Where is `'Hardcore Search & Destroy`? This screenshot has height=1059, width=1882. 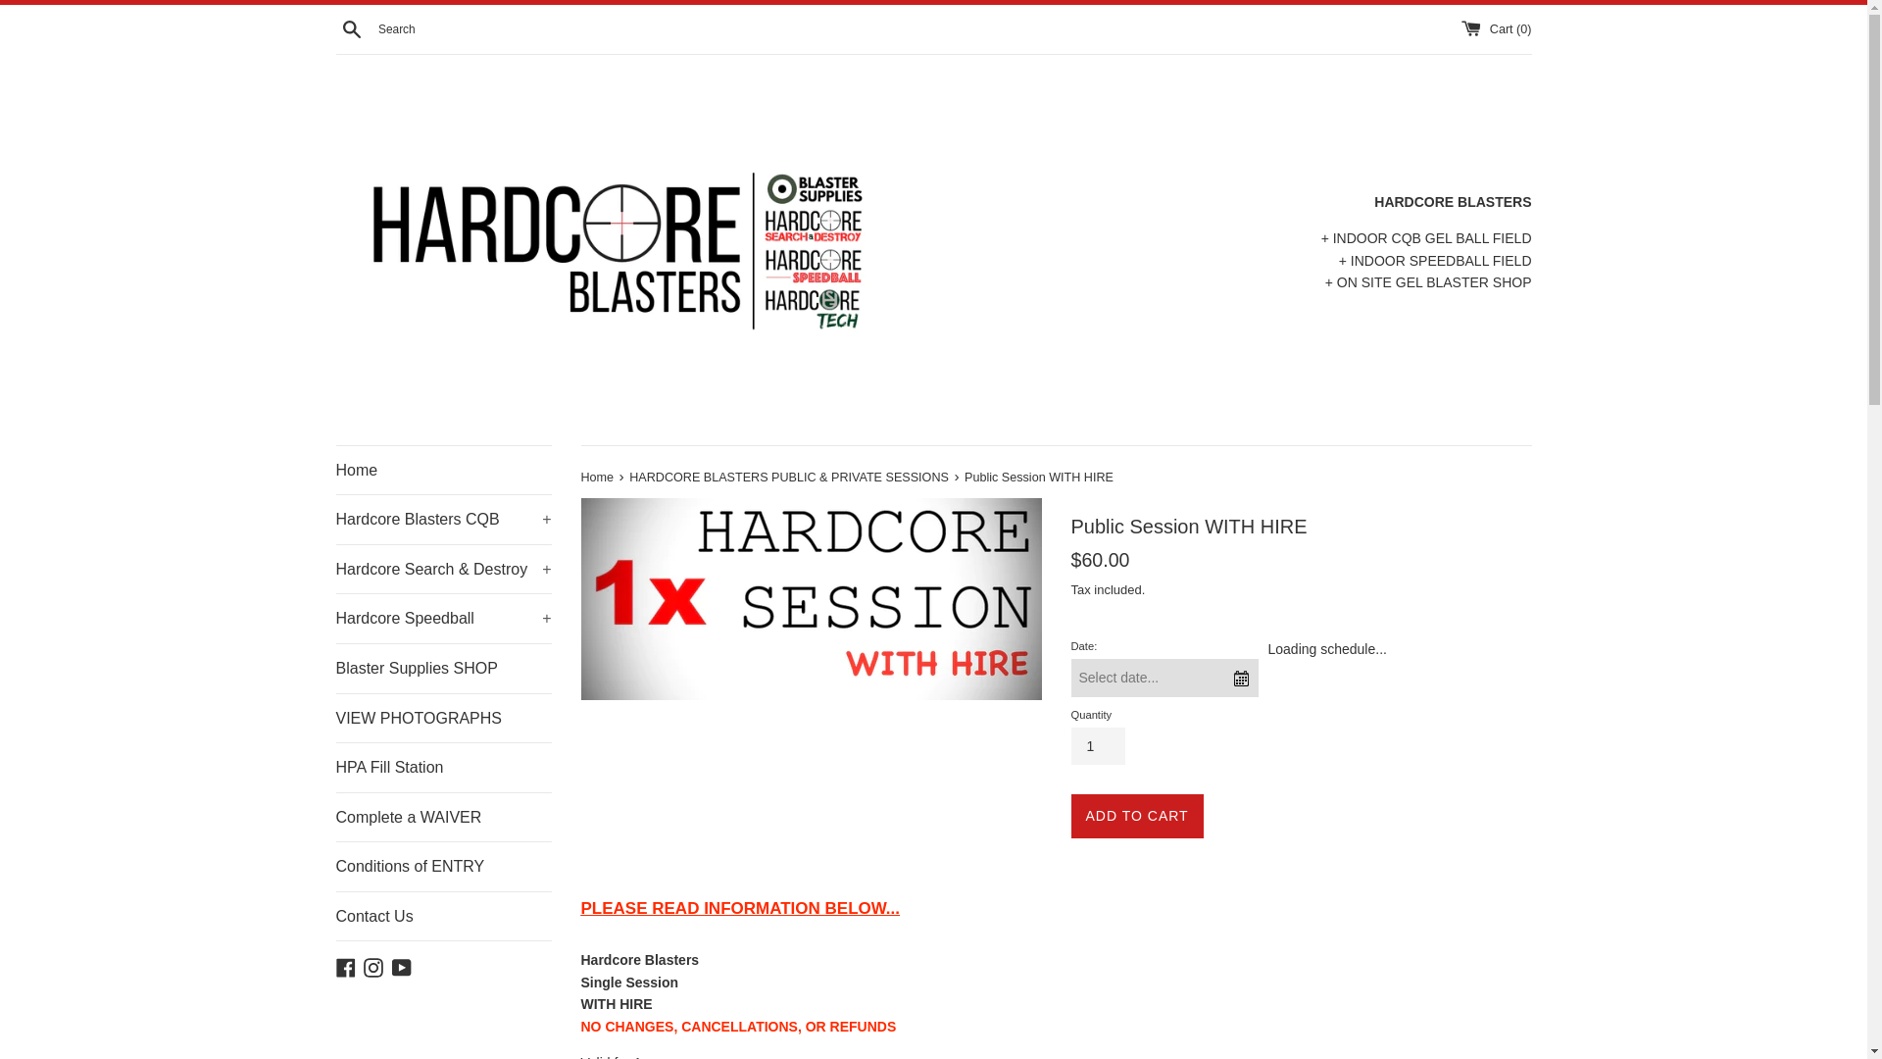
'Hardcore Search & Destroy is located at coordinates (334, 570).